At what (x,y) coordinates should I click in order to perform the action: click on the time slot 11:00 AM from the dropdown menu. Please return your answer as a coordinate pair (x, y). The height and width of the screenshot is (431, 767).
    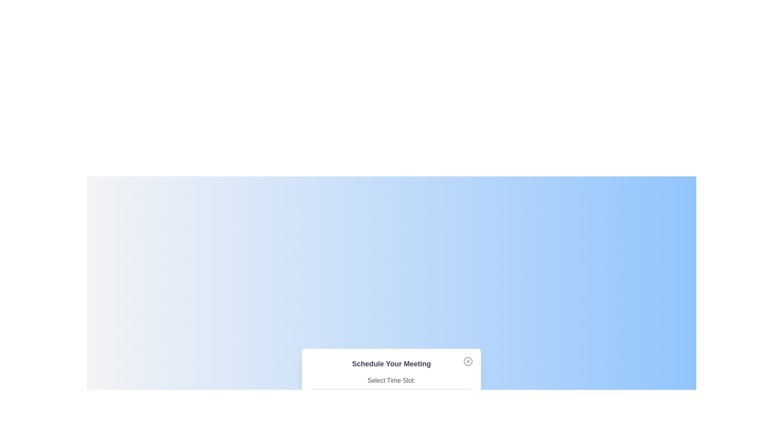
    Looking at the image, I should click on (391, 395).